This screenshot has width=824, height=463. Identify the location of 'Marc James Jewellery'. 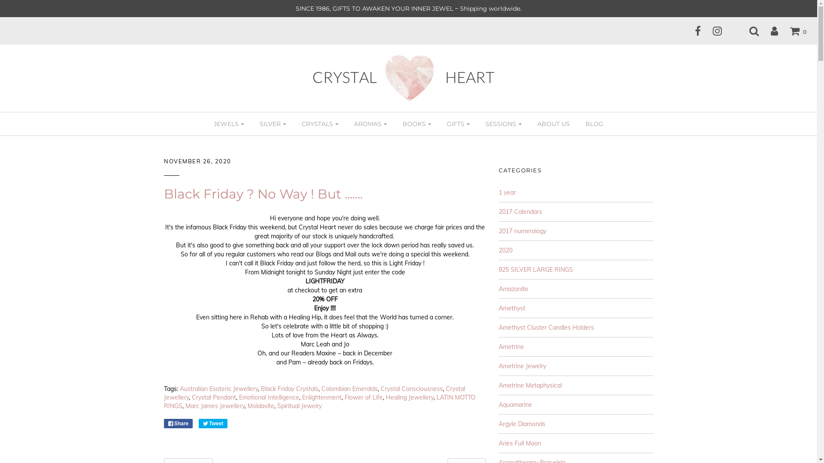
(215, 406).